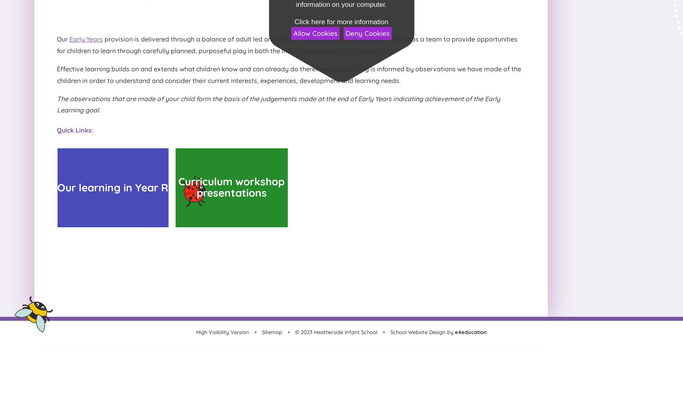 The height and width of the screenshot is (403, 683). I want to click on 'e4education', so click(470, 331).